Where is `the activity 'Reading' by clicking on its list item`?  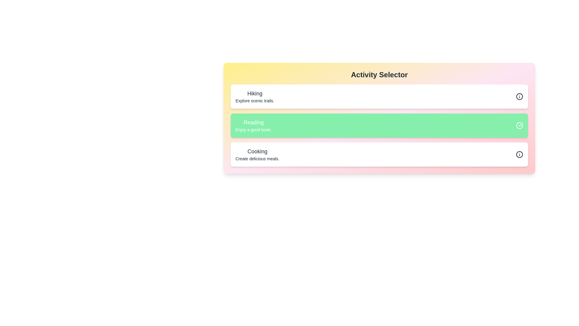
the activity 'Reading' by clicking on its list item is located at coordinates (253, 125).